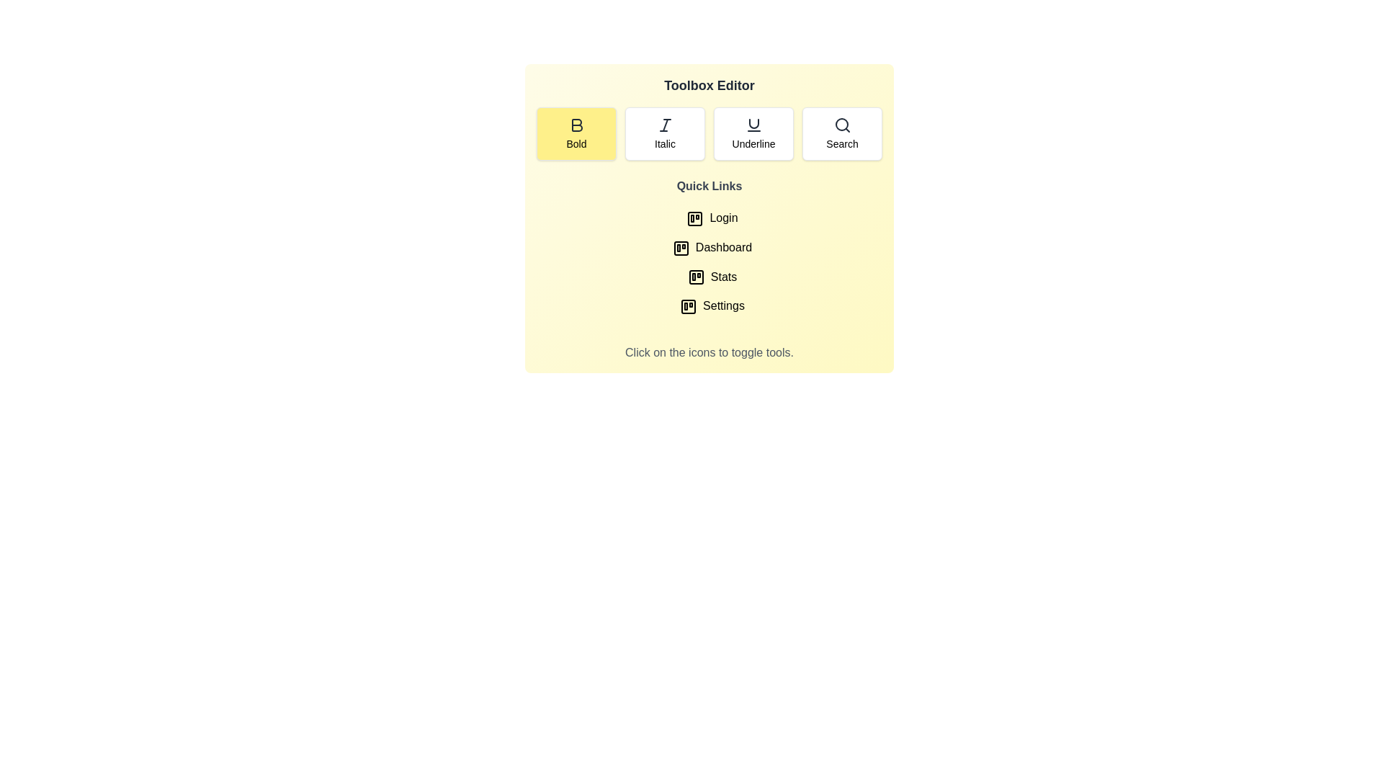  What do you see at coordinates (709, 305) in the screenshot?
I see `the quick link Settings` at bounding box center [709, 305].